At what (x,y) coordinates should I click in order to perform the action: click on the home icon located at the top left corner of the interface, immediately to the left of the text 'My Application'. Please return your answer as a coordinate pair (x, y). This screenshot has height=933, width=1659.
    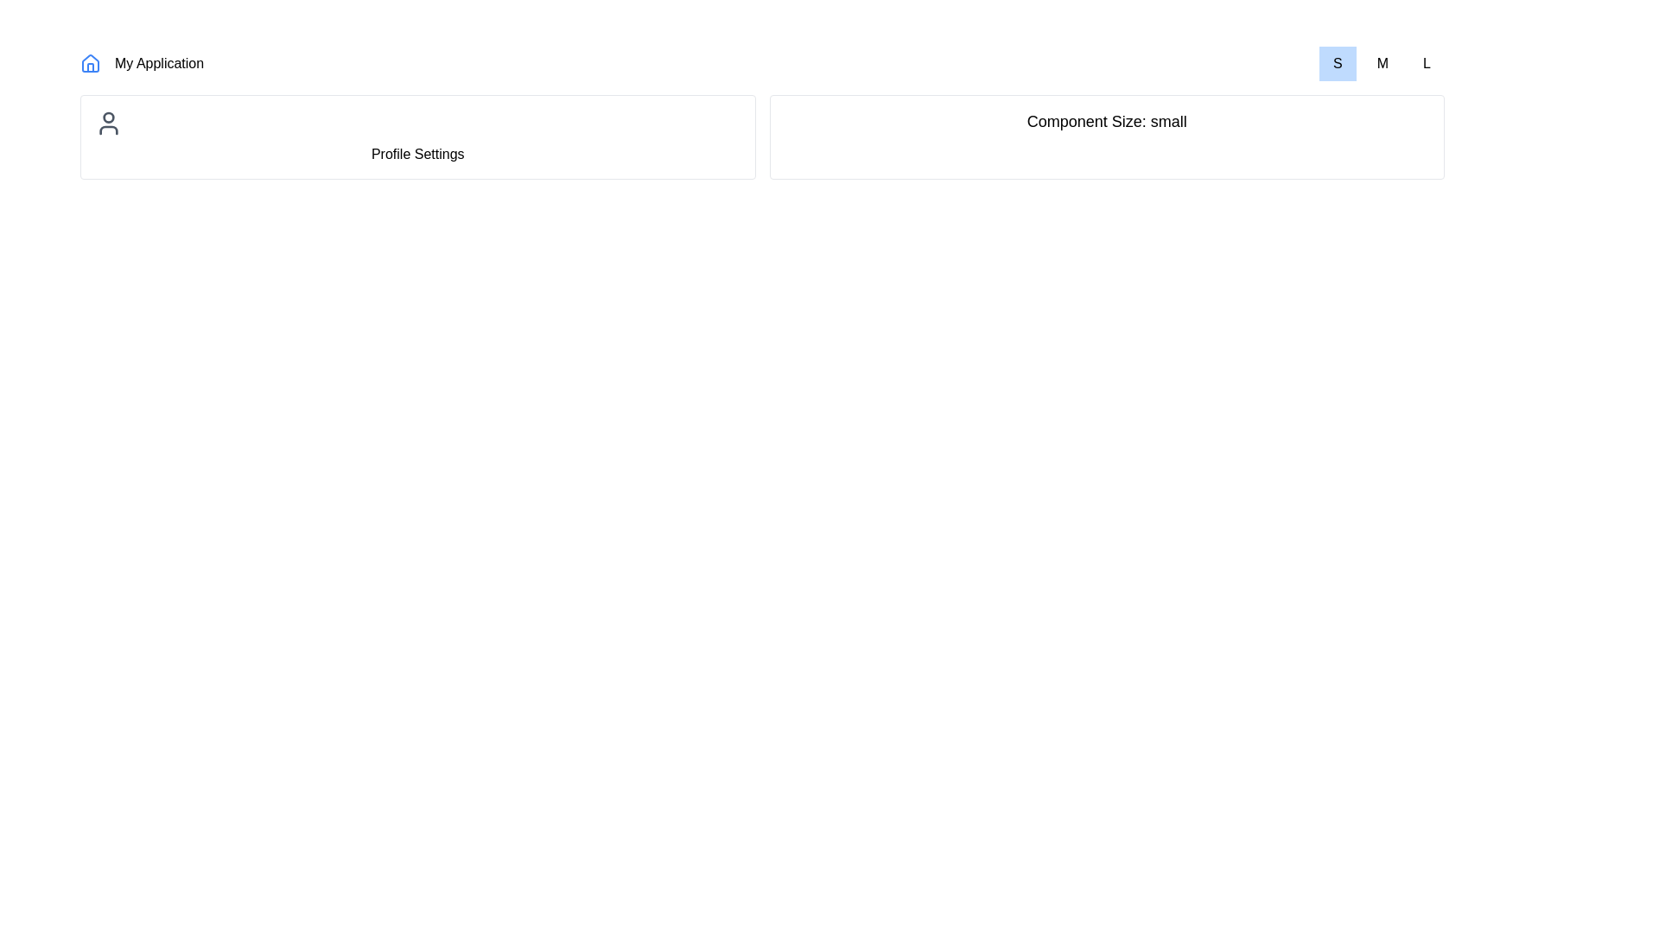
    Looking at the image, I should click on (90, 62).